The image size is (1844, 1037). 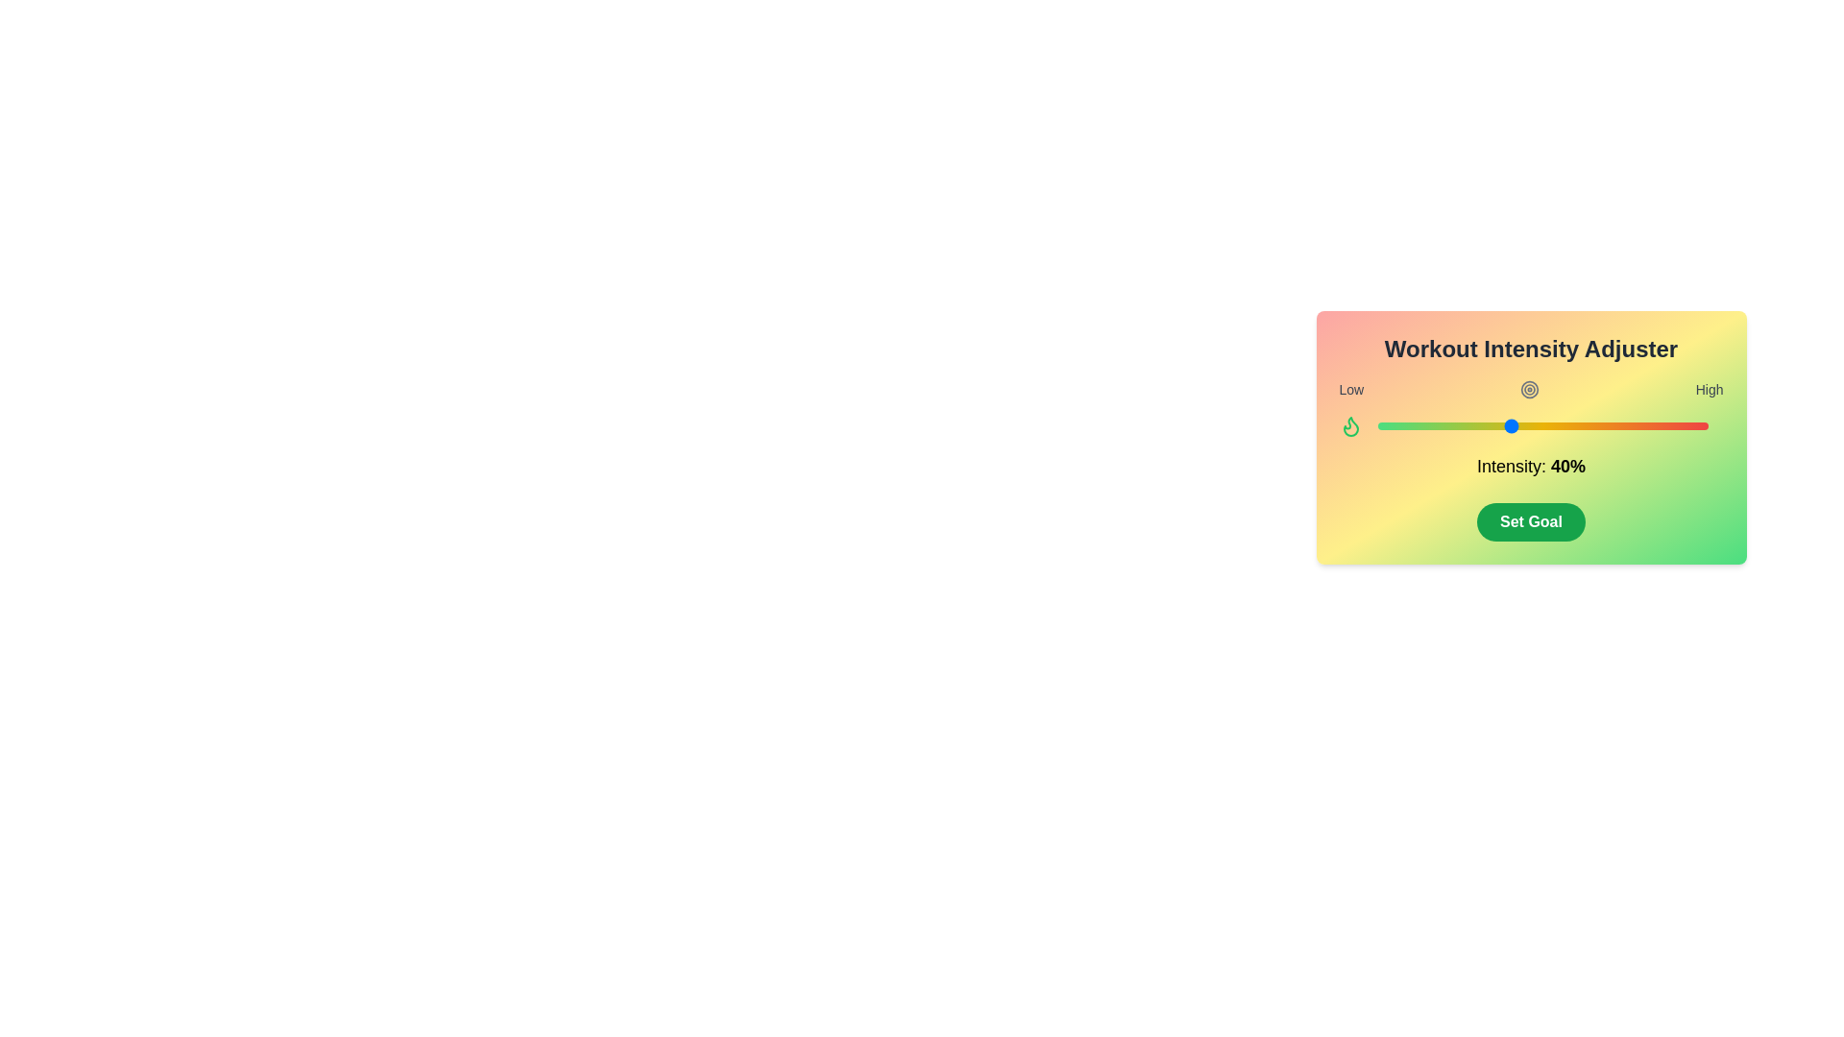 What do you see at coordinates (1349, 424) in the screenshot?
I see `the flame icon to observe its visual feedback` at bounding box center [1349, 424].